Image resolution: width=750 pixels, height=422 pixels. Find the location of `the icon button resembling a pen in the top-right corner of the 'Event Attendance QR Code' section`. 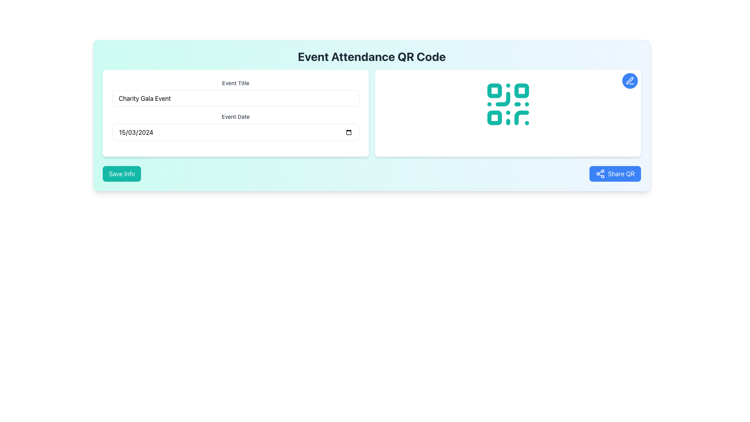

the icon button resembling a pen in the top-right corner of the 'Event Attendance QR Code' section is located at coordinates (630, 80).